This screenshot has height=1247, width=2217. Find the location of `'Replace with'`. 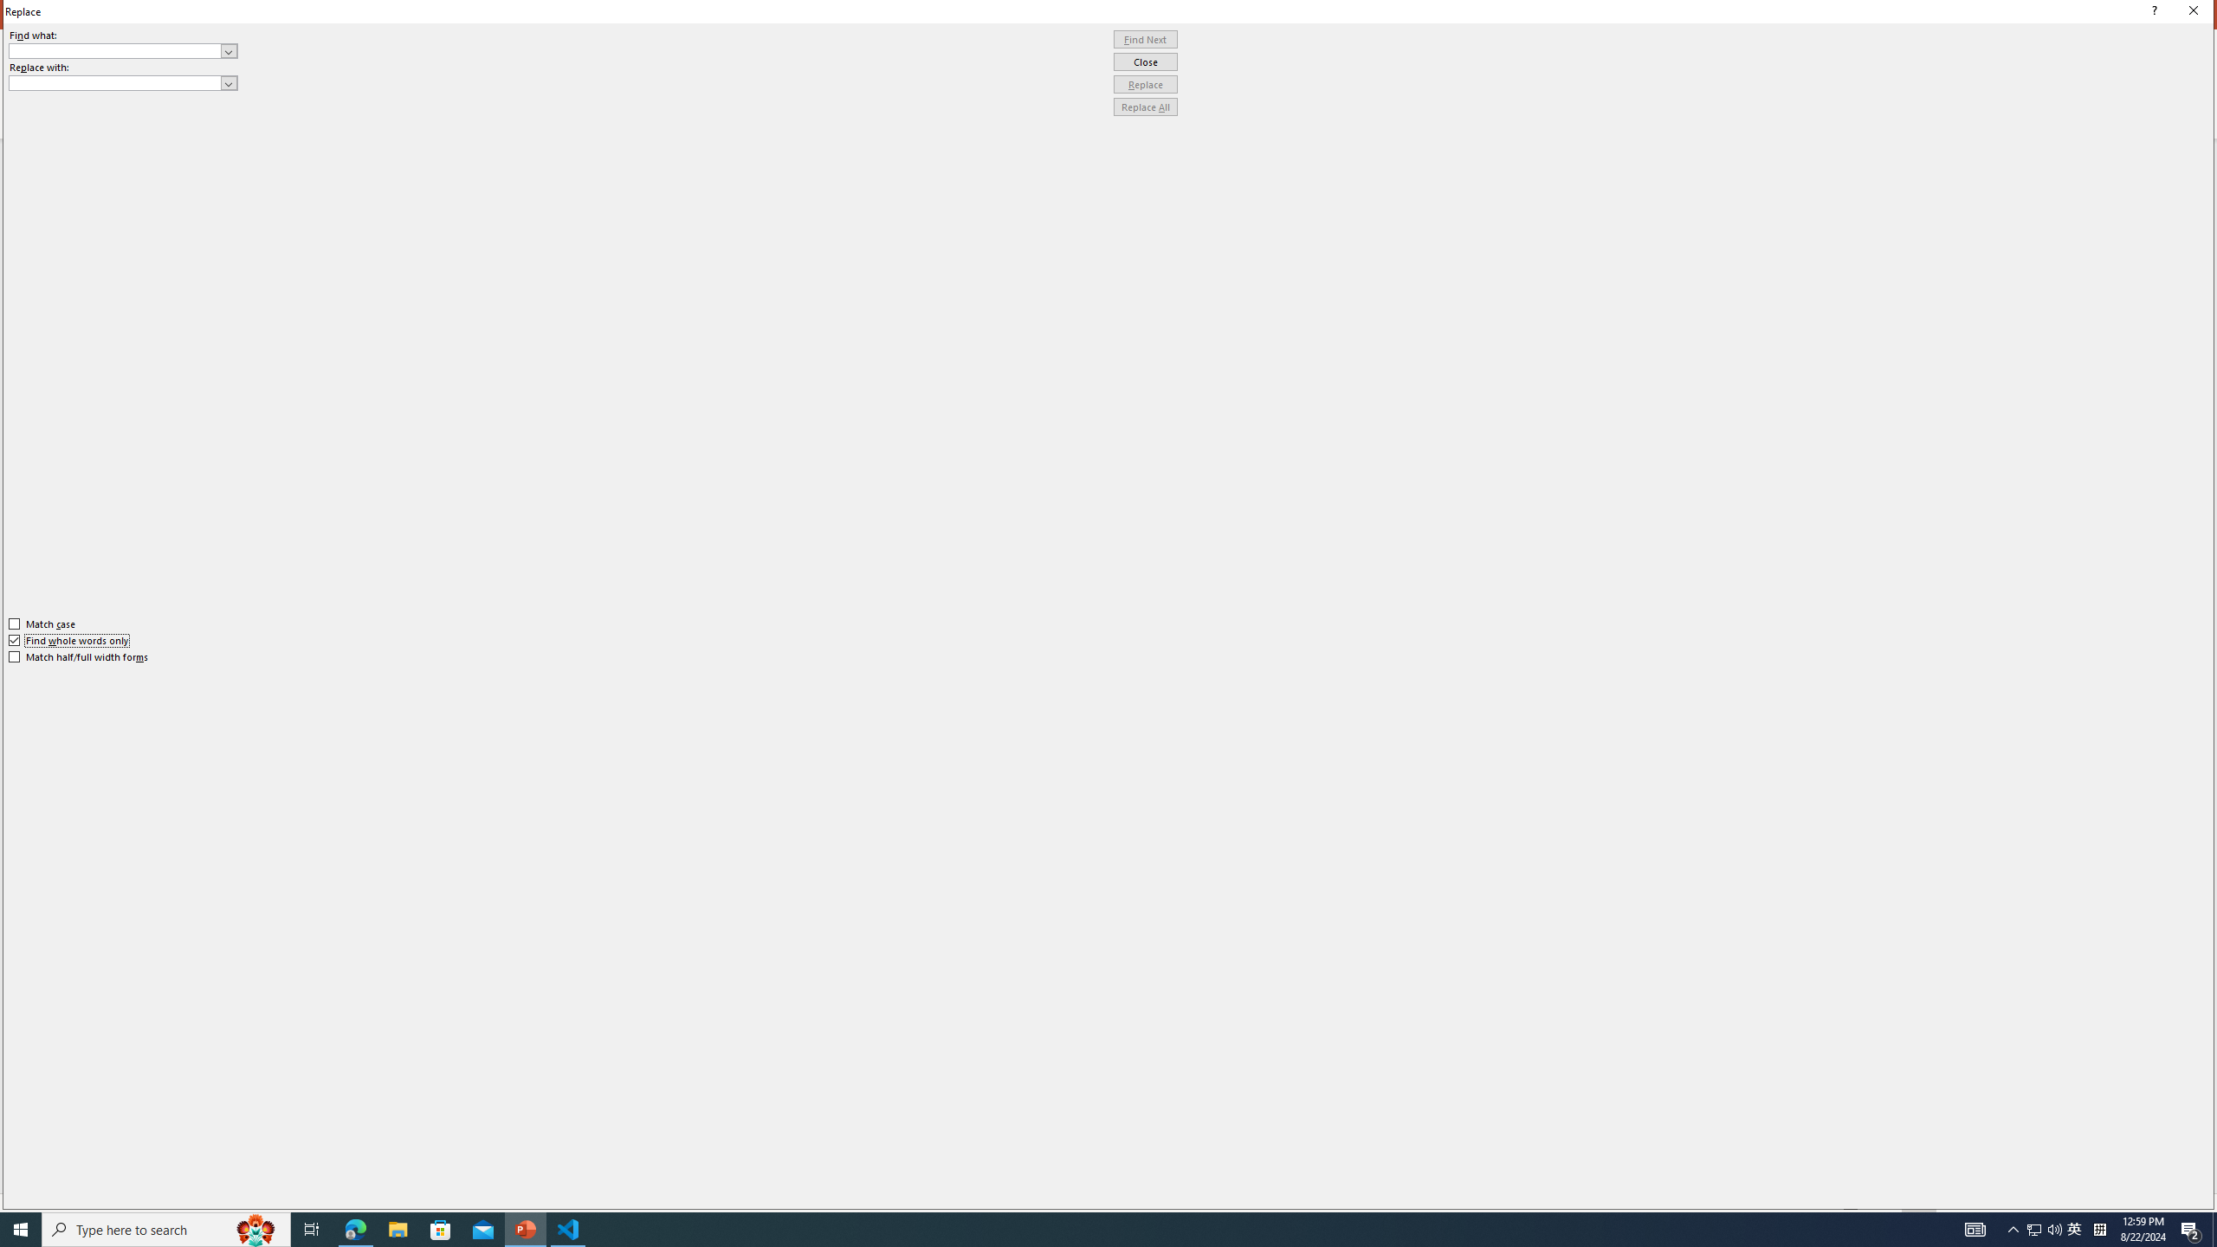

'Replace with' is located at coordinates (115, 82).